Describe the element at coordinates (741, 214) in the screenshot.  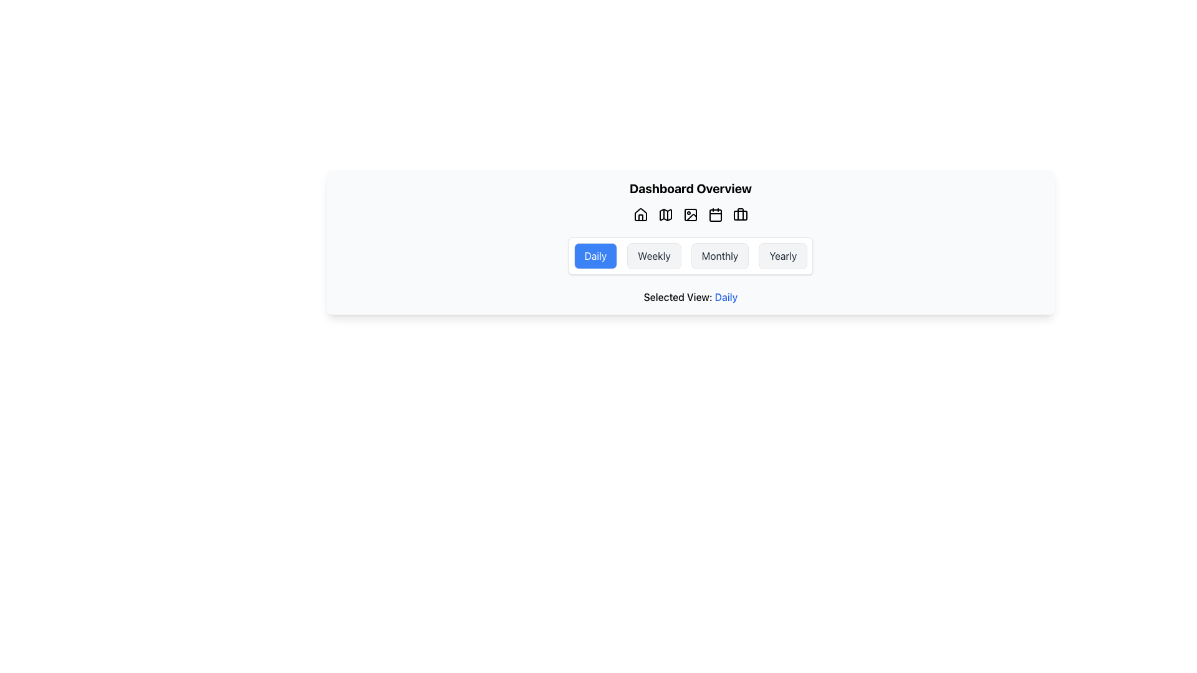
I see `the briefcase icon button located in the toolbar beneath the 'Dashboard Overview' header` at that location.